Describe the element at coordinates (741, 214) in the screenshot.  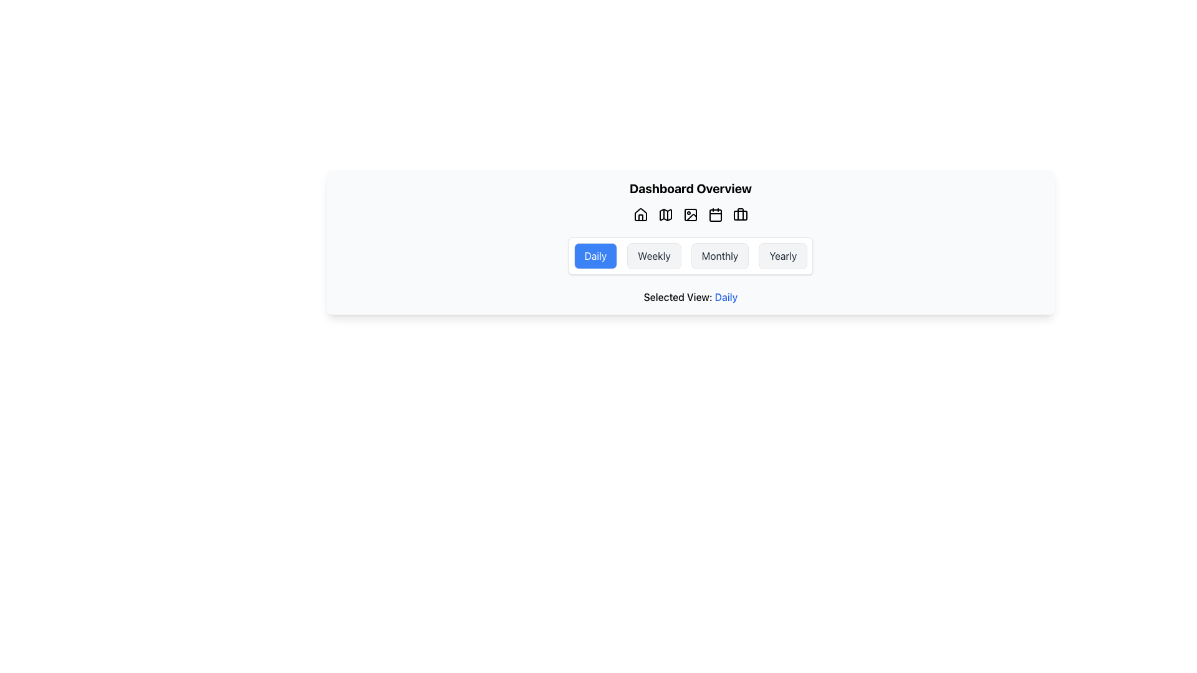
I see `the briefcase icon button located in the toolbar beneath the 'Dashboard Overview' header` at that location.